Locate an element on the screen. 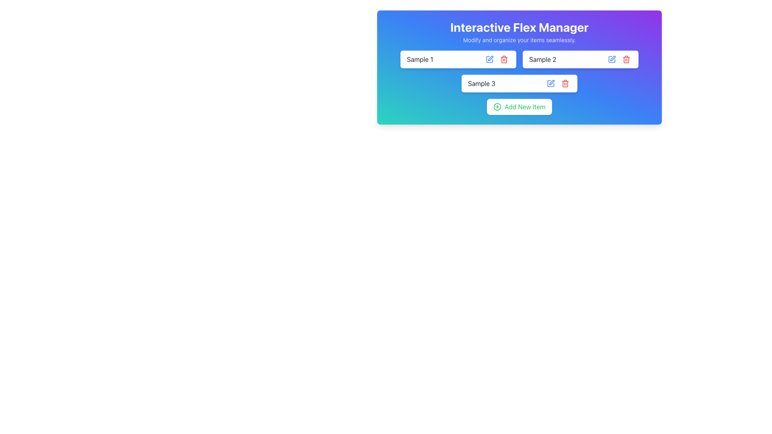 The image size is (772, 434). the red trash can icon button, which is located to the right of the input field labeled 'Sample 1' is located at coordinates (503, 59).